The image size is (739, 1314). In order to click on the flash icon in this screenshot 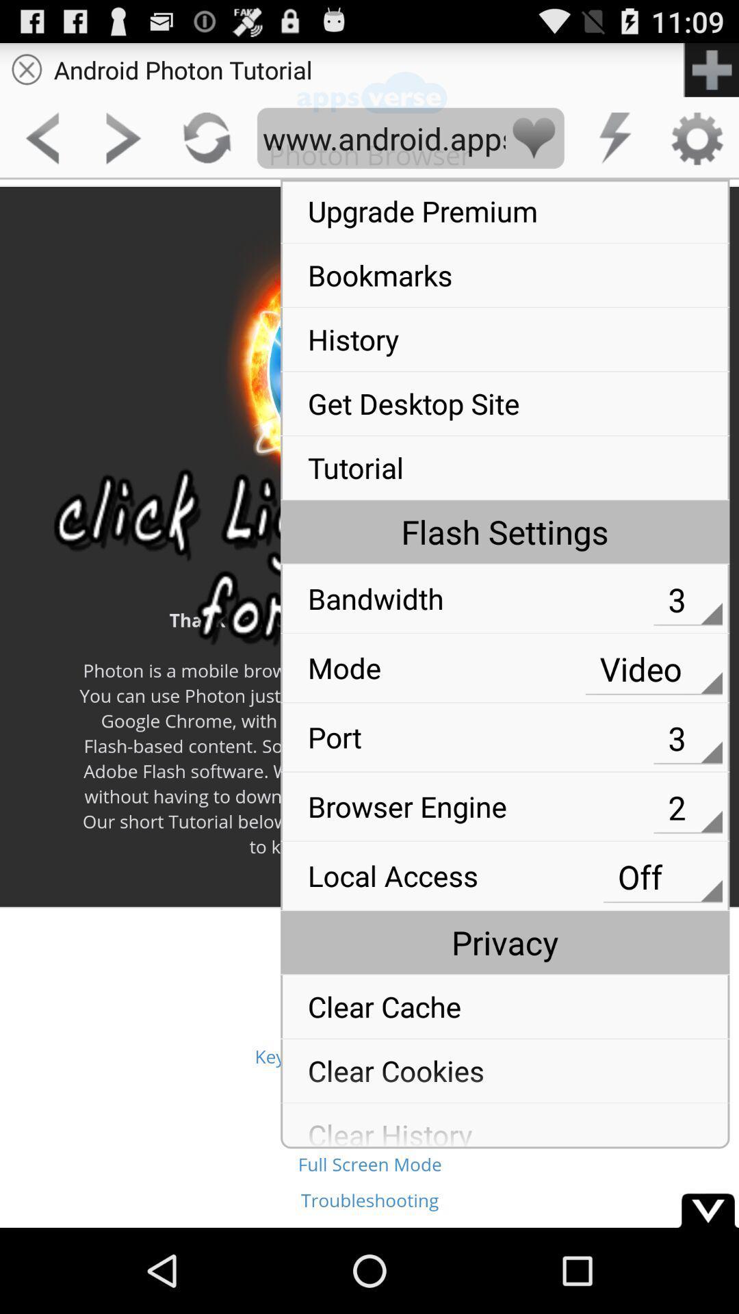, I will do `click(614, 148)`.